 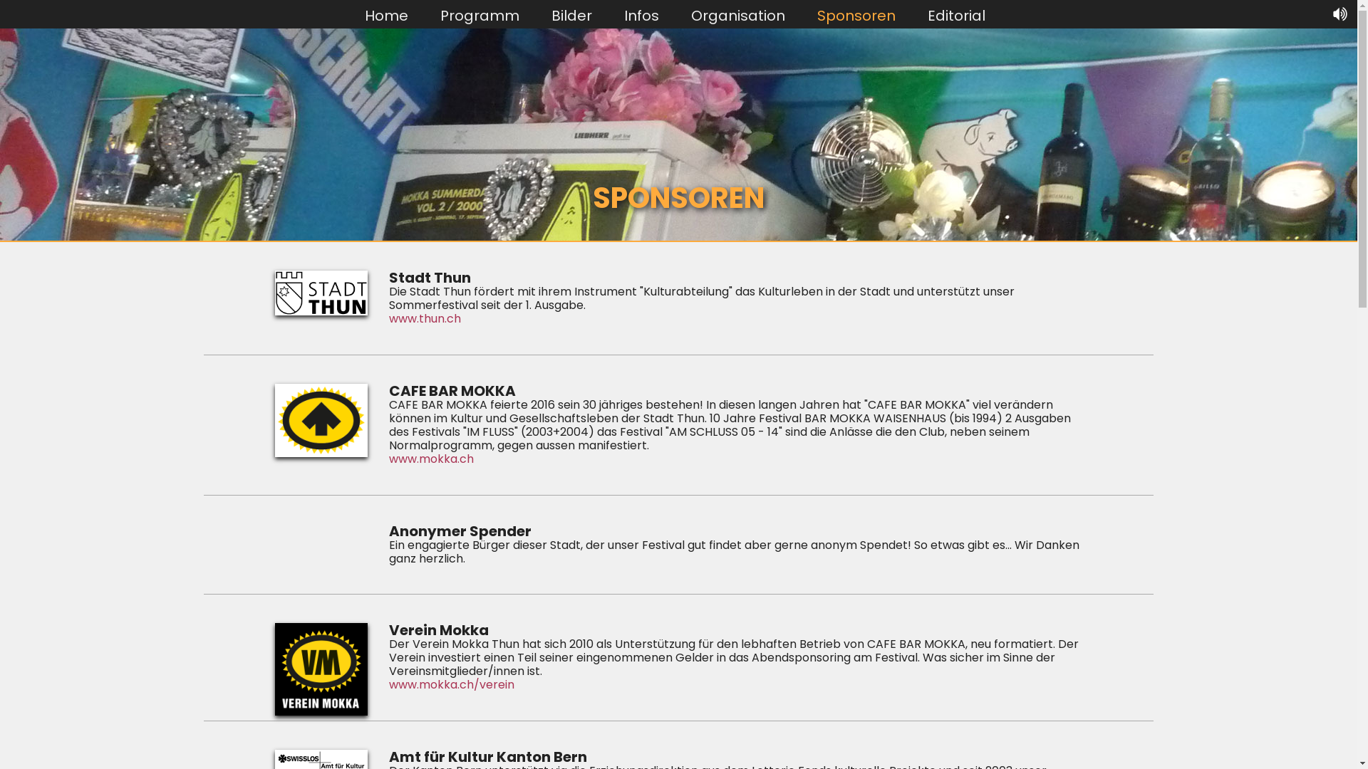 What do you see at coordinates (571, 14) in the screenshot?
I see `'Bilder'` at bounding box center [571, 14].